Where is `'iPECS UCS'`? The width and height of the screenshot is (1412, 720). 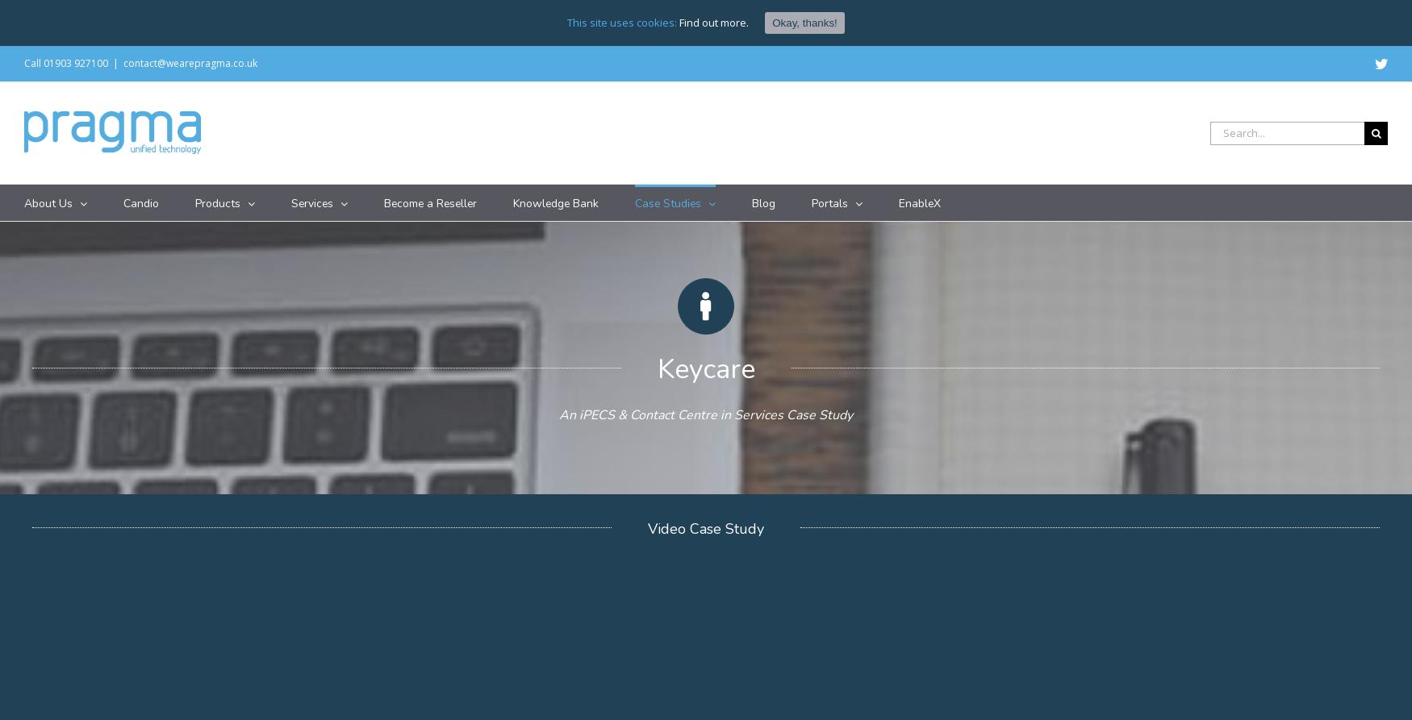
'iPECS UCS' is located at coordinates (525, 349).